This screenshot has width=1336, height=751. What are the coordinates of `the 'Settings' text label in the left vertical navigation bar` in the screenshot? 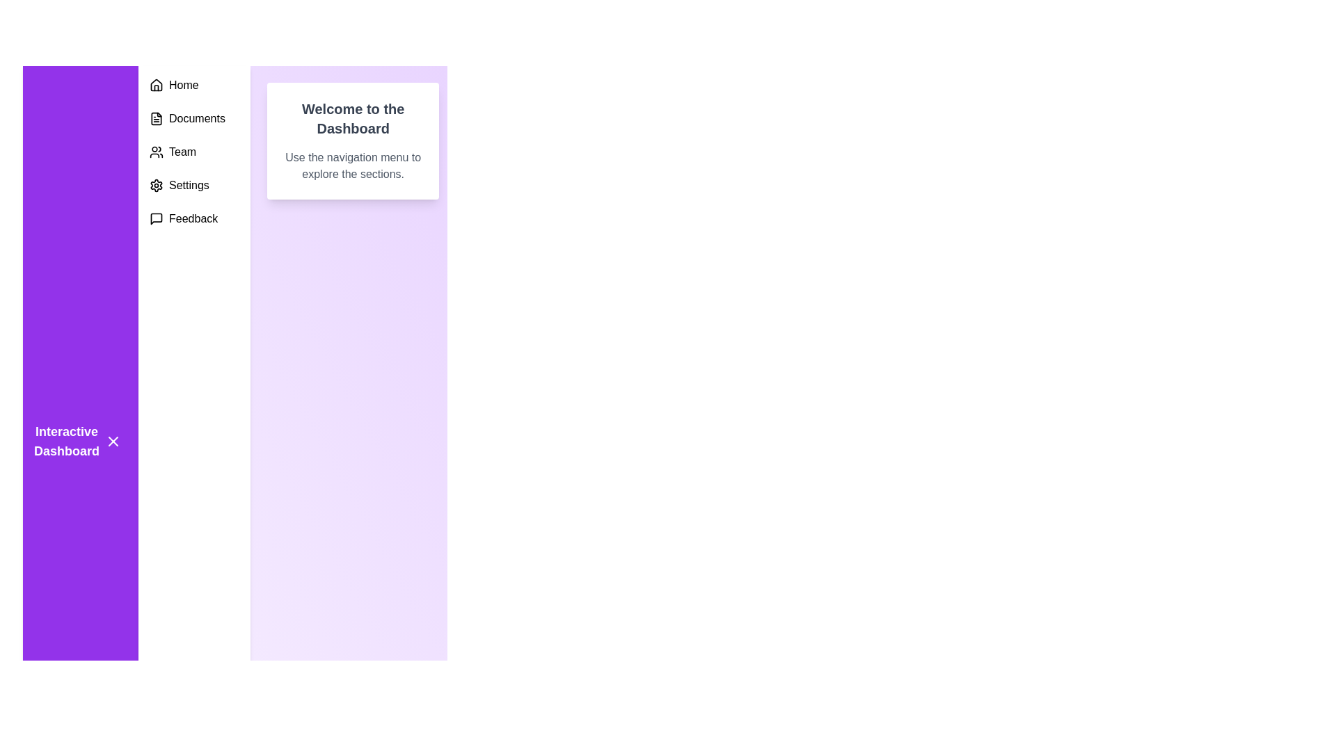 It's located at (188, 184).